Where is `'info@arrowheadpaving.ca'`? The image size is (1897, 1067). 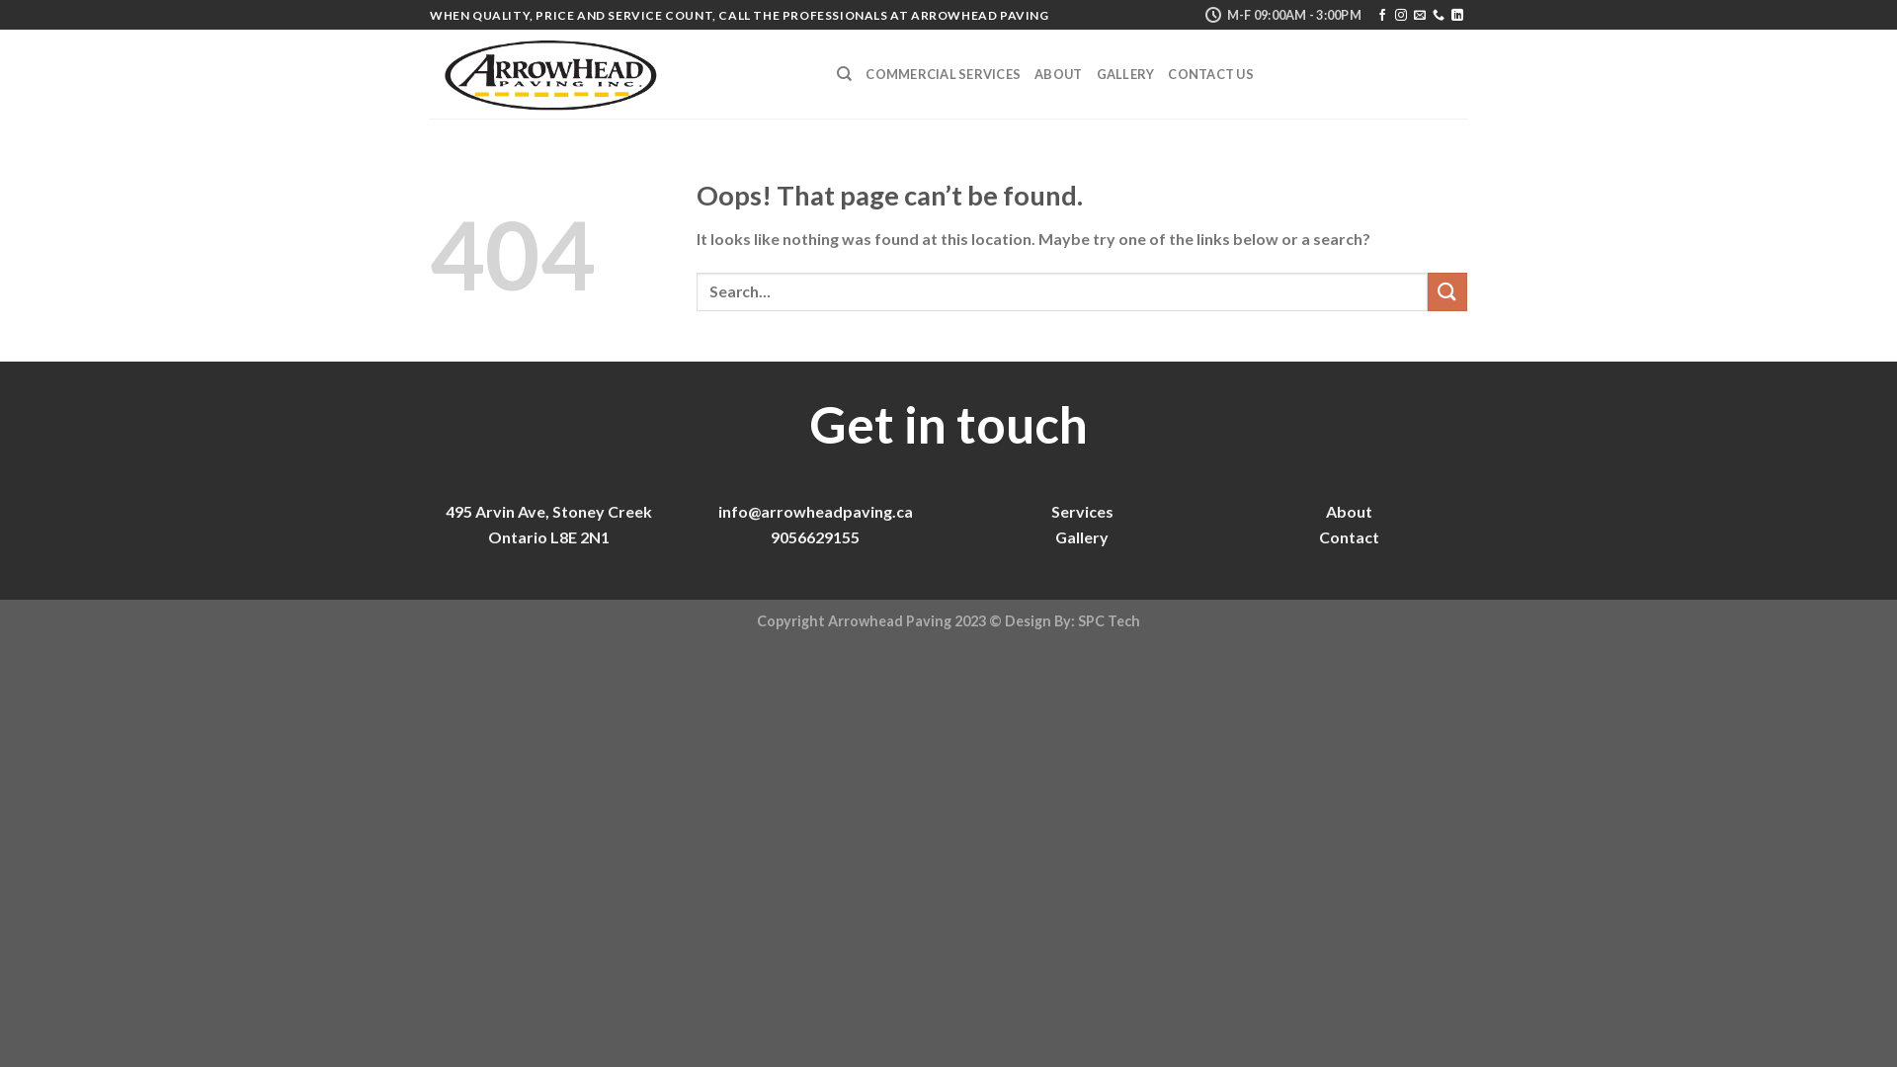
'info@arrowheadpaving.ca' is located at coordinates (814, 510).